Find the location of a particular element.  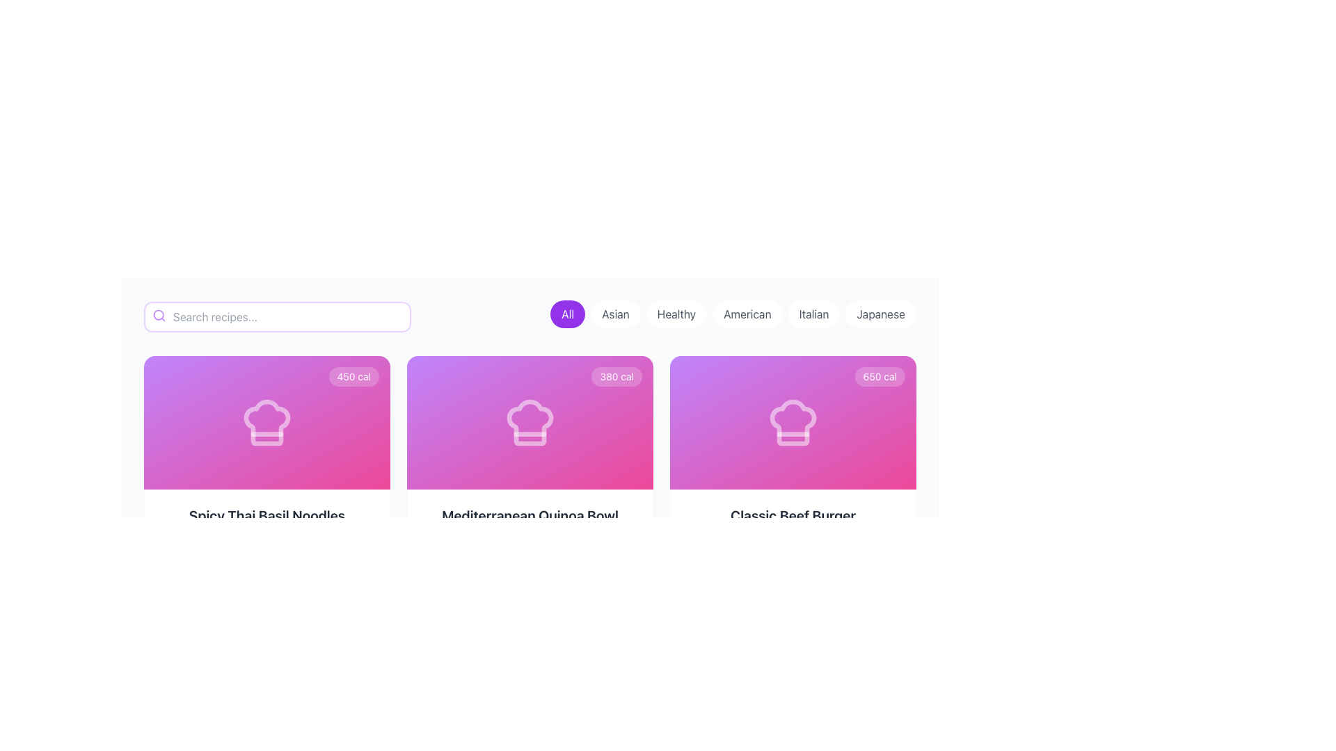

the text label displaying the calorie count located in the top right corner of the card with a purple-to-pink gradient background is located at coordinates (353, 377).